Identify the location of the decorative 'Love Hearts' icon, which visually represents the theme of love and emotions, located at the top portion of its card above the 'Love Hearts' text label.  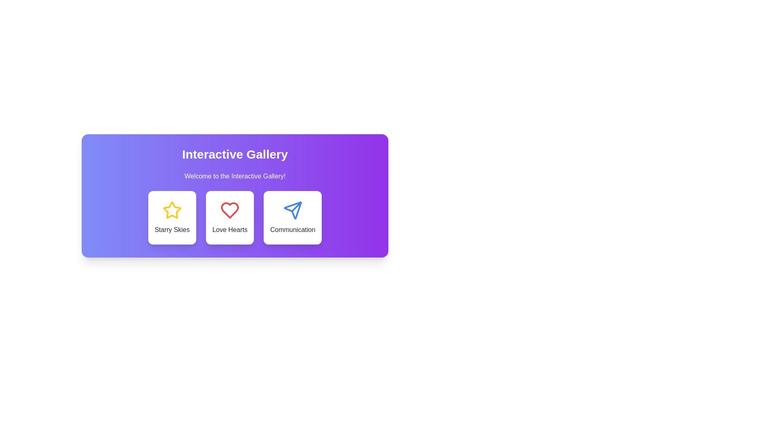
(230, 210).